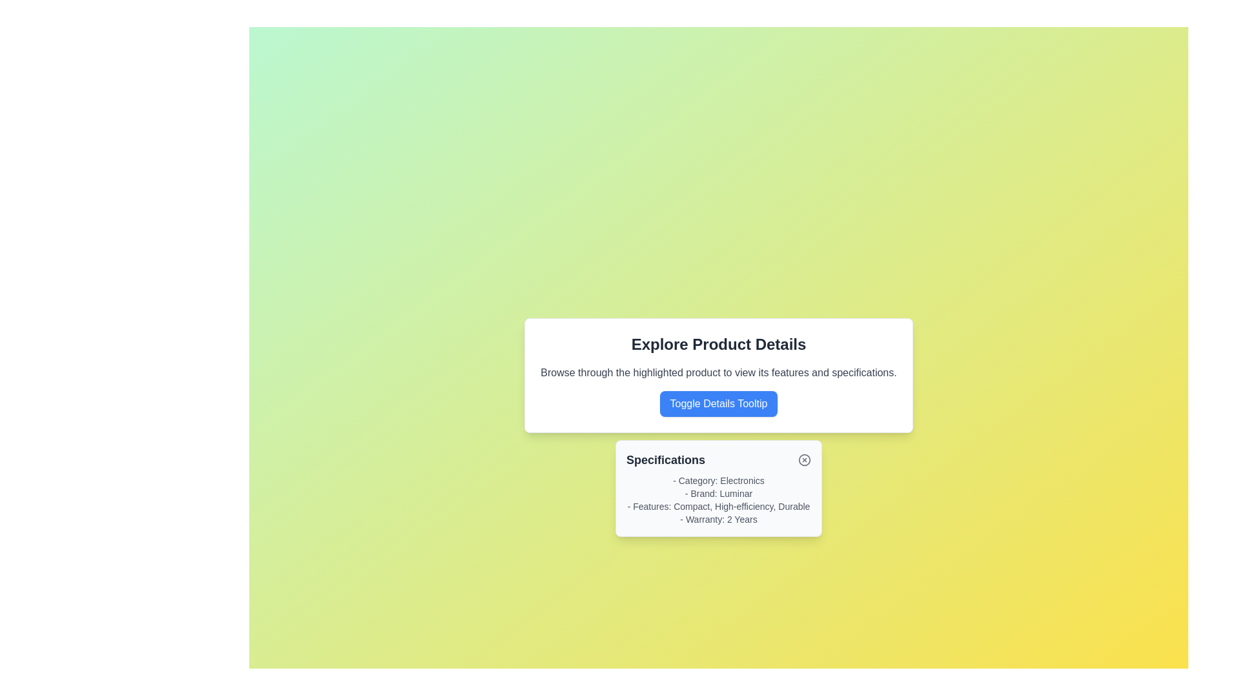 This screenshot has width=1240, height=697. What do you see at coordinates (718, 493) in the screenshot?
I see `the text display showing '- Brand: Luminar' located within the 'Specifications' card, which is the second item in a bullet list` at bounding box center [718, 493].